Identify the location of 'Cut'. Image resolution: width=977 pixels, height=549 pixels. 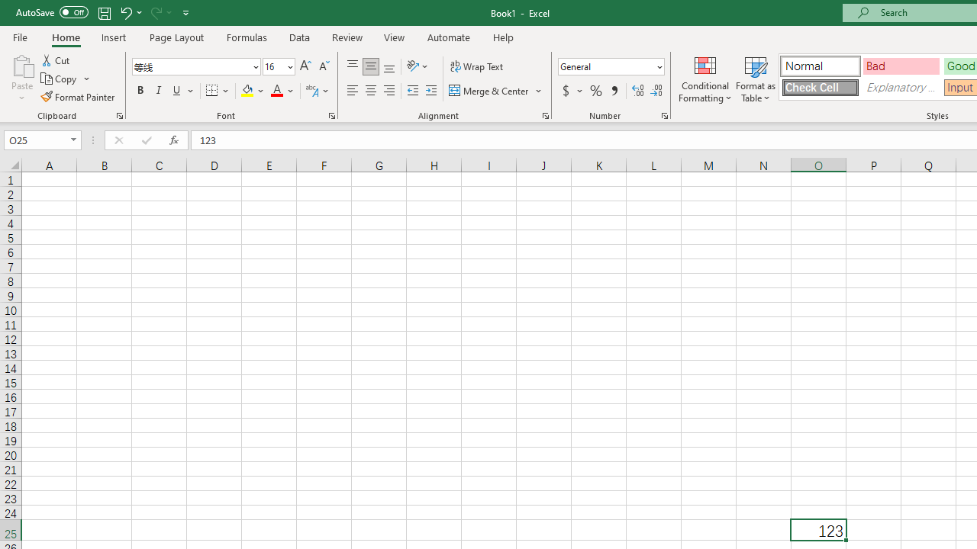
(56, 59).